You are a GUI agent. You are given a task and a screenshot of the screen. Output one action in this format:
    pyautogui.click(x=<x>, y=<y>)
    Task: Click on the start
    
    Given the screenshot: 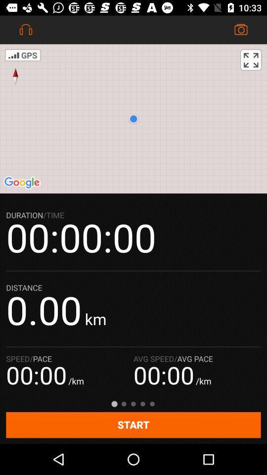 What is the action you would take?
    pyautogui.click(x=133, y=425)
    